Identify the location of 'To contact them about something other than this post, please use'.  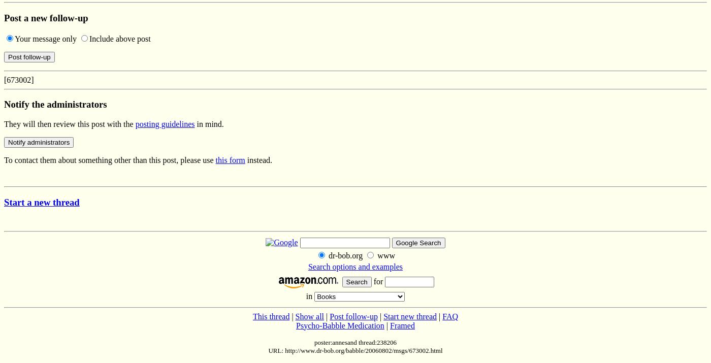
(110, 159).